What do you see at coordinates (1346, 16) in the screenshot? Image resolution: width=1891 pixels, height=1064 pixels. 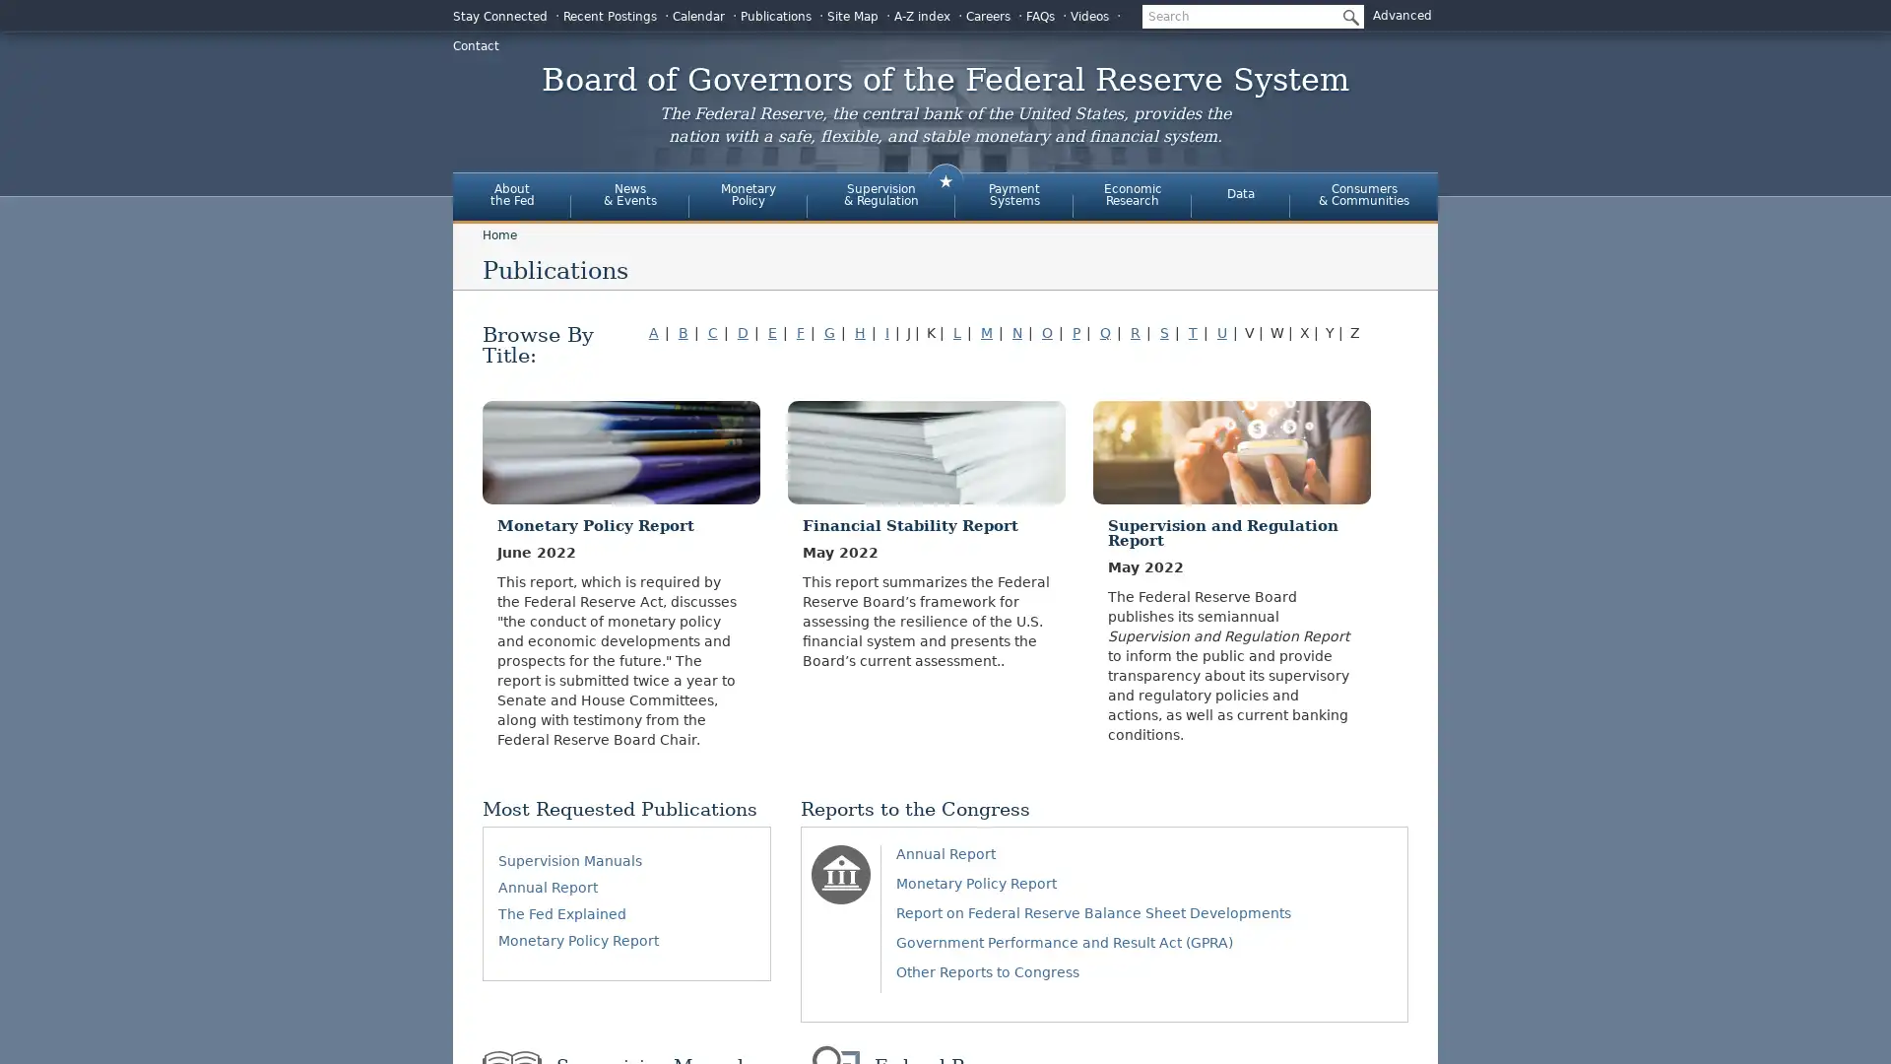 I see `Submit Search Button` at bounding box center [1346, 16].